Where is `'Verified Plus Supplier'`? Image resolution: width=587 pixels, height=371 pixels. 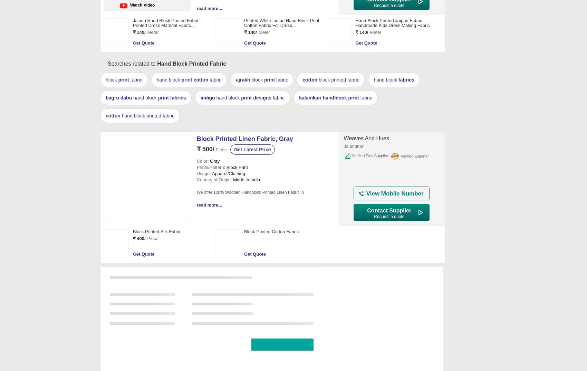
'Verified Plus Supplier' is located at coordinates (370, 155).